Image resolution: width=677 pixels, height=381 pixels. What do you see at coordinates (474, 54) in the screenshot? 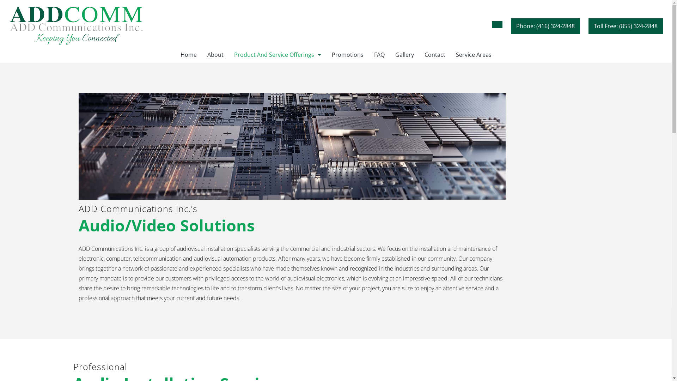
I see `'Service Areas'` at bounding box center [474, 54].